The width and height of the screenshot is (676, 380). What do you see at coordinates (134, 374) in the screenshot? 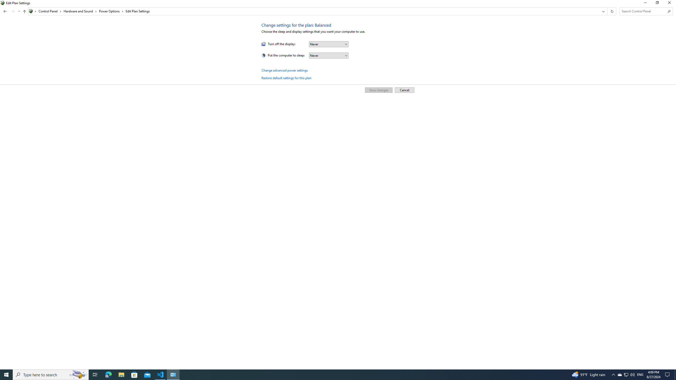
I see `'Microsoft Store'` at bounding box center [134, 374].